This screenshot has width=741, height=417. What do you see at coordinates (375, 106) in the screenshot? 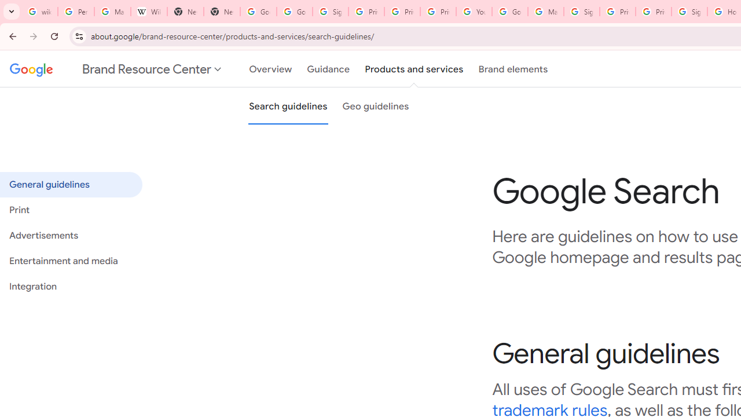
I see `'Geo guidelines'` at bounding box center [375, 106].